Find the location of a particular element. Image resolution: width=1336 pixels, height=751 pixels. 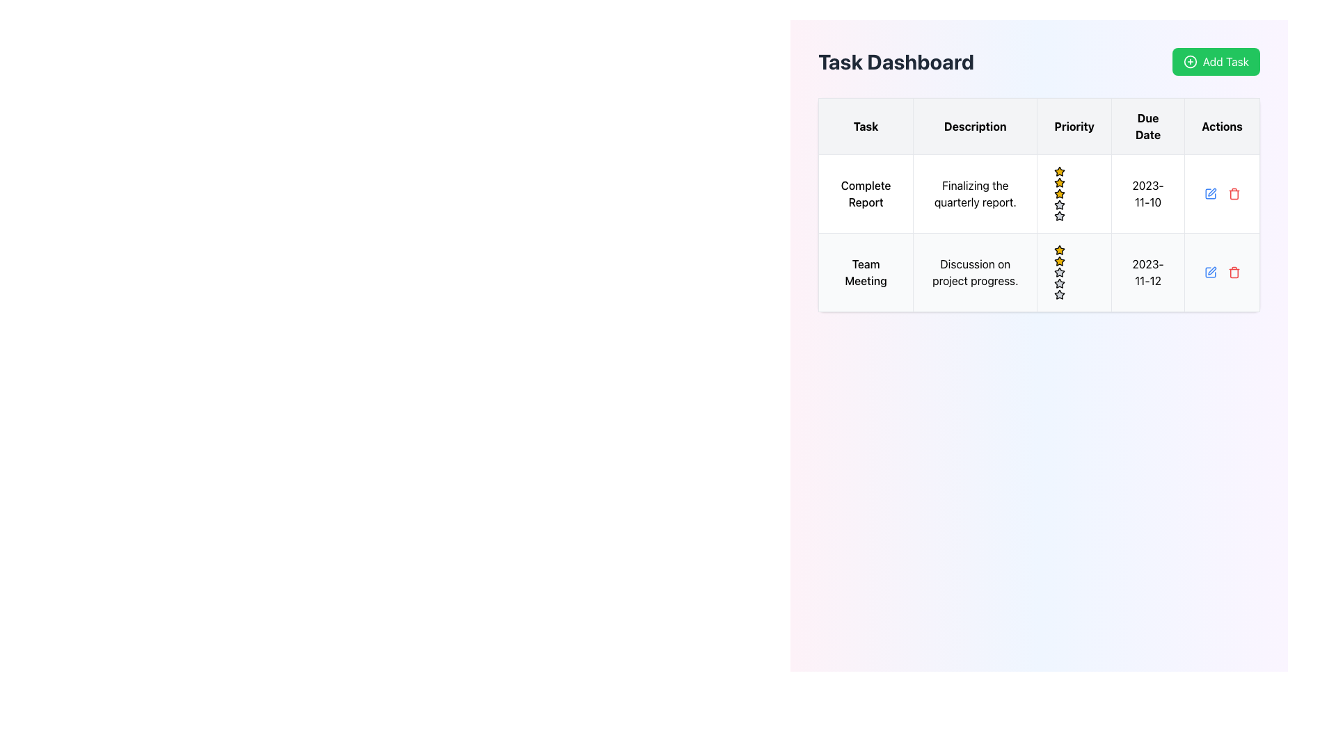

the text label displaying the due date of the 'Team Meeting' task, which is located in the last column of the corresponding row under the 'Due Date' heading is located at coordinates (1148, 273).